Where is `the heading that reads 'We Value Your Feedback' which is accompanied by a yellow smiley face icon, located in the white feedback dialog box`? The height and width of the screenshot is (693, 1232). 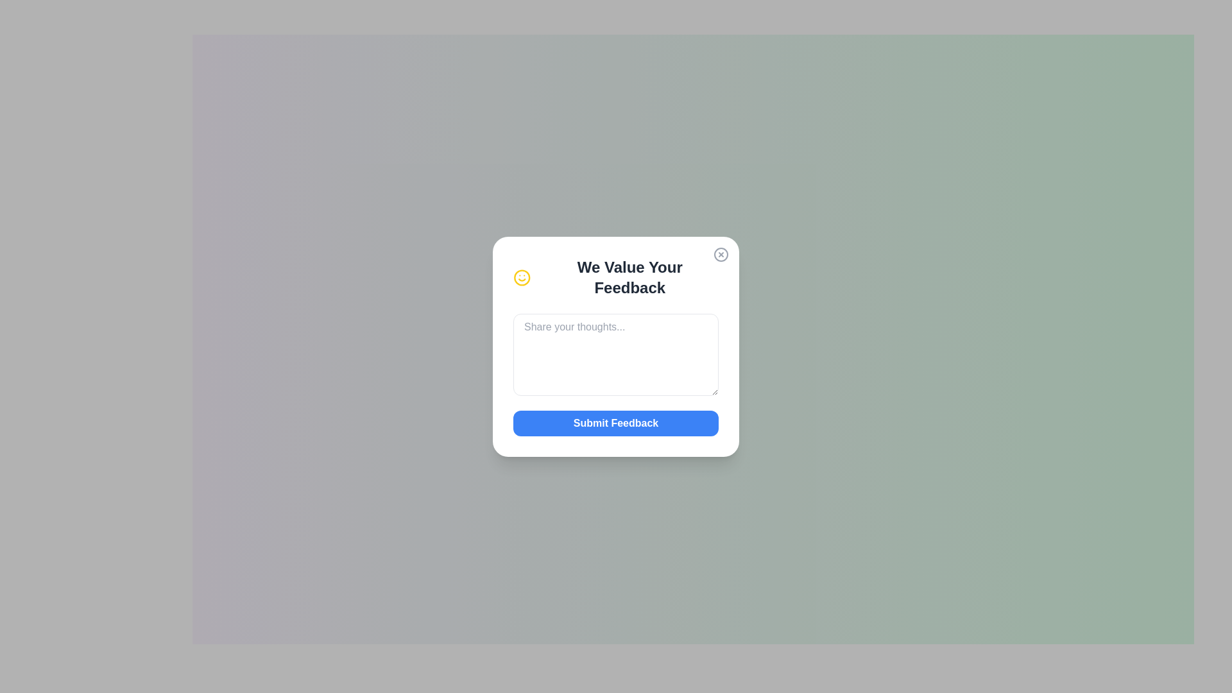 the heading that reads 'We Value Your Feedback' which is accompanied by a yellow smiley face icon, located in the white feedback dialog box is located at coordinates (616, 277).